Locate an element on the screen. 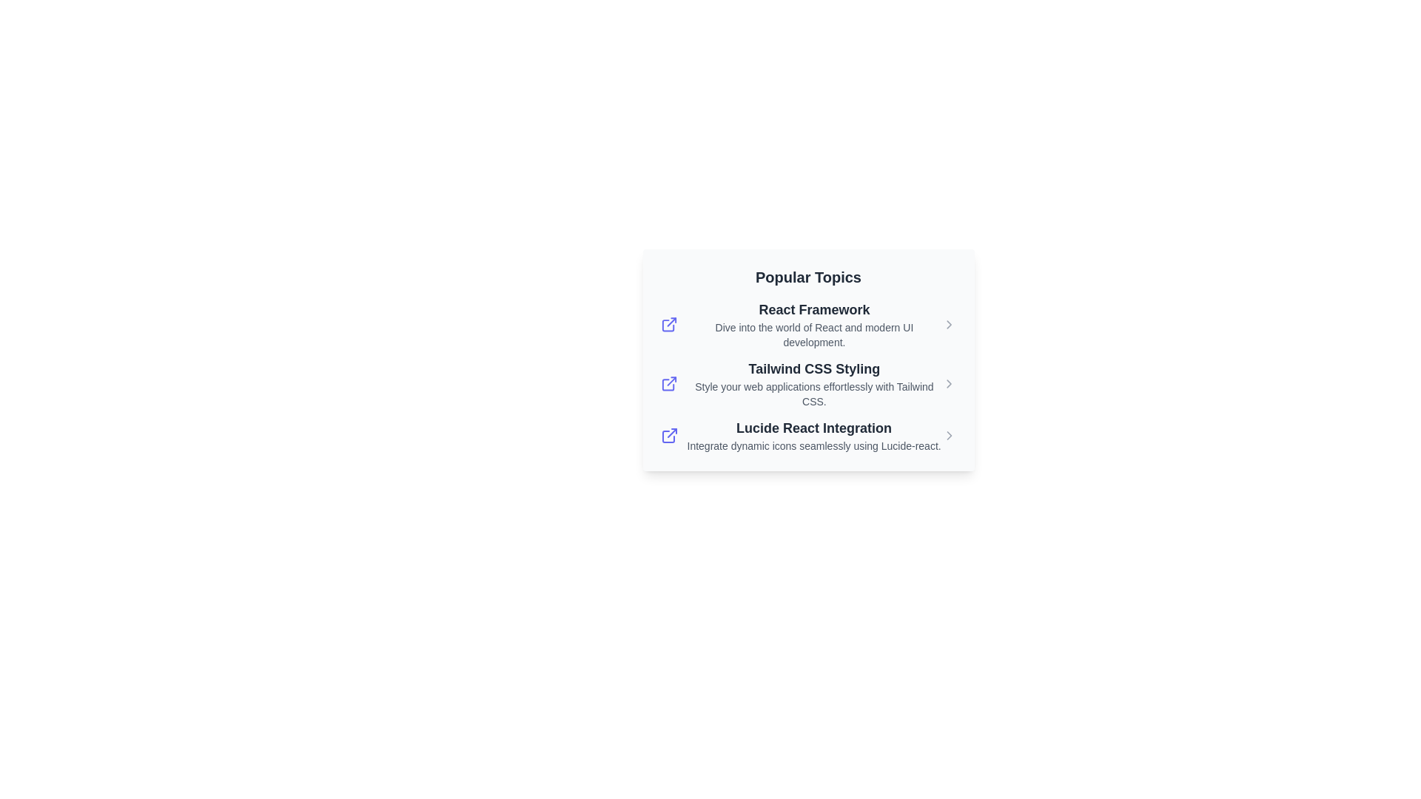  the static text that reads, 'Style your web applications effortlessly with Tailwind CSS,' which is styled with a smaller font size and light gray color, located under the heading 'Tailwind CSS Styling.' is located at coordinates (813, 393).